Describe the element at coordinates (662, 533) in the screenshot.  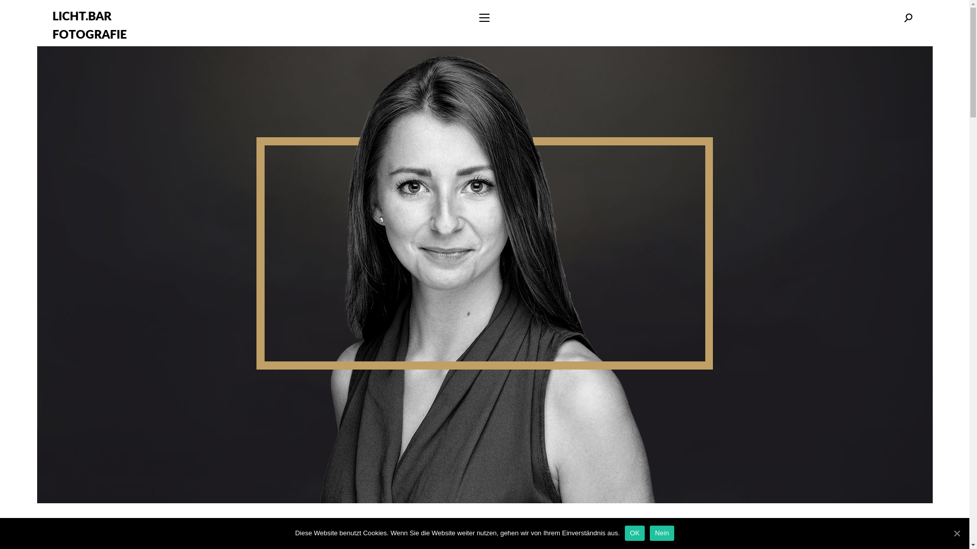
I see `'Nein'` at that location.